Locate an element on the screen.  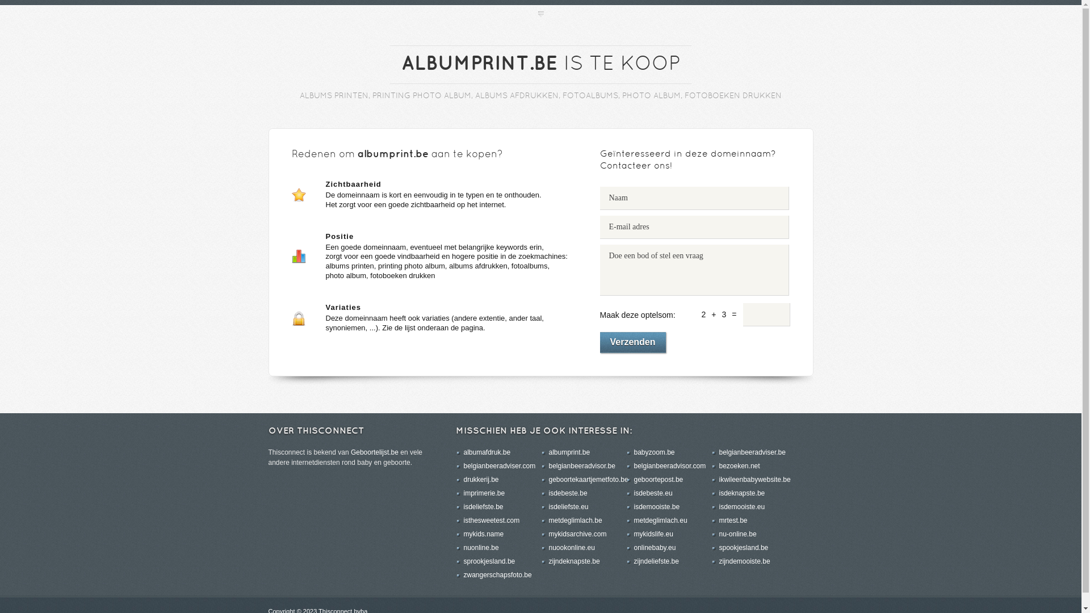
'nuookonline.eu' is located at coordinates (571, 547).